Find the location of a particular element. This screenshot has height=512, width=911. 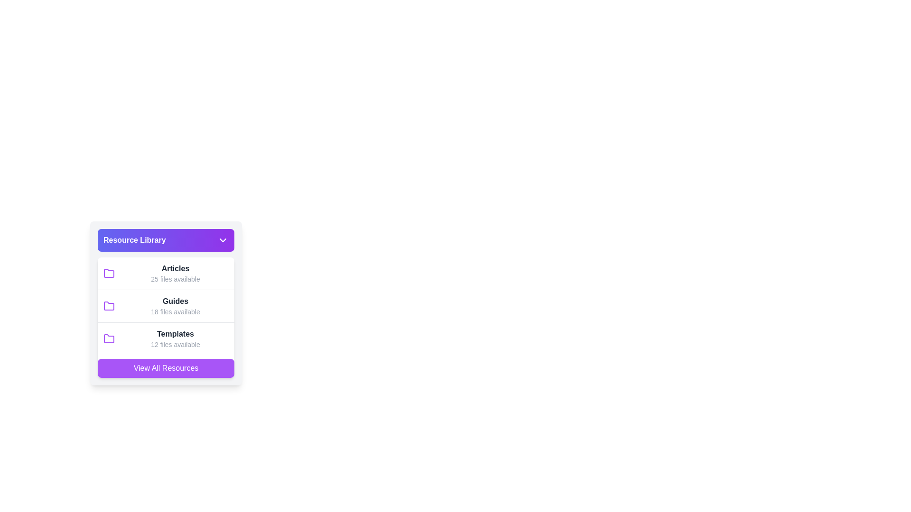

the descriptive label for the 'Articles' section located under the heading 'Resource Library', positioned above the '25 files available' sublabel and next to the folder icon is located at coordinates (175, 269).